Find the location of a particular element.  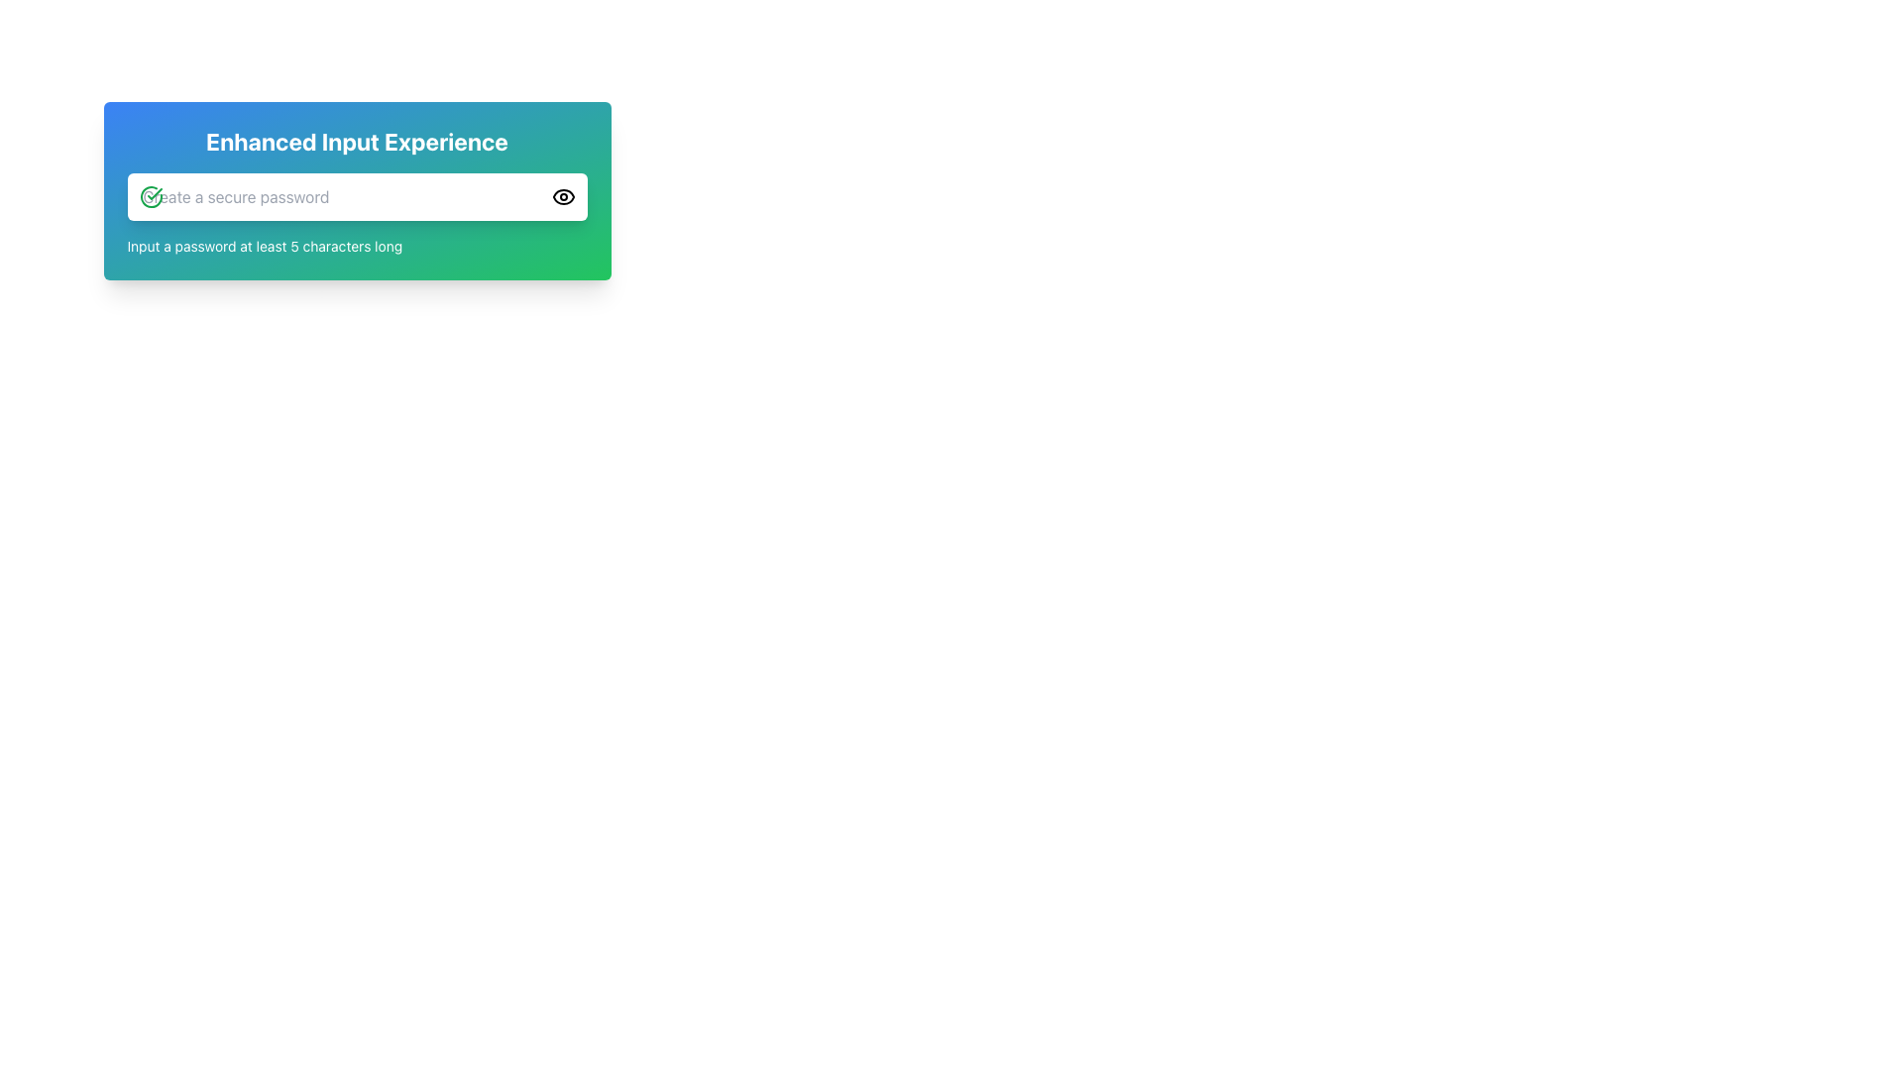

the guidance text block that instructs users to 'Input a password at least 5 characters long', which is styled with white text on a green background, located directly below the password input field is located at coordinates (264, 246).